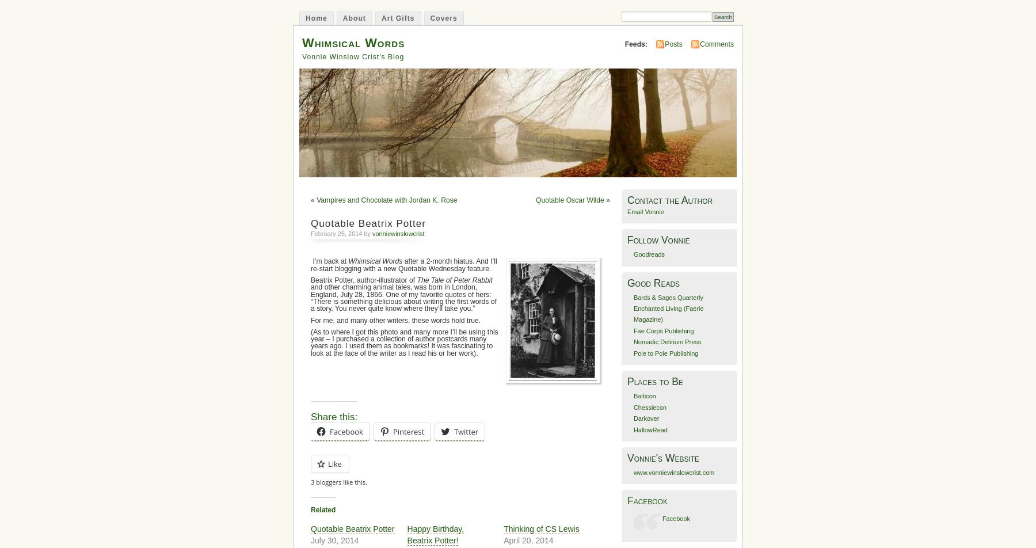 The width and height of the screenshot is (1036, 548). What do you see at coordinates (635, 43) in the screenshot?
I see `'Feeds:'` at bounding box center [635, 43].